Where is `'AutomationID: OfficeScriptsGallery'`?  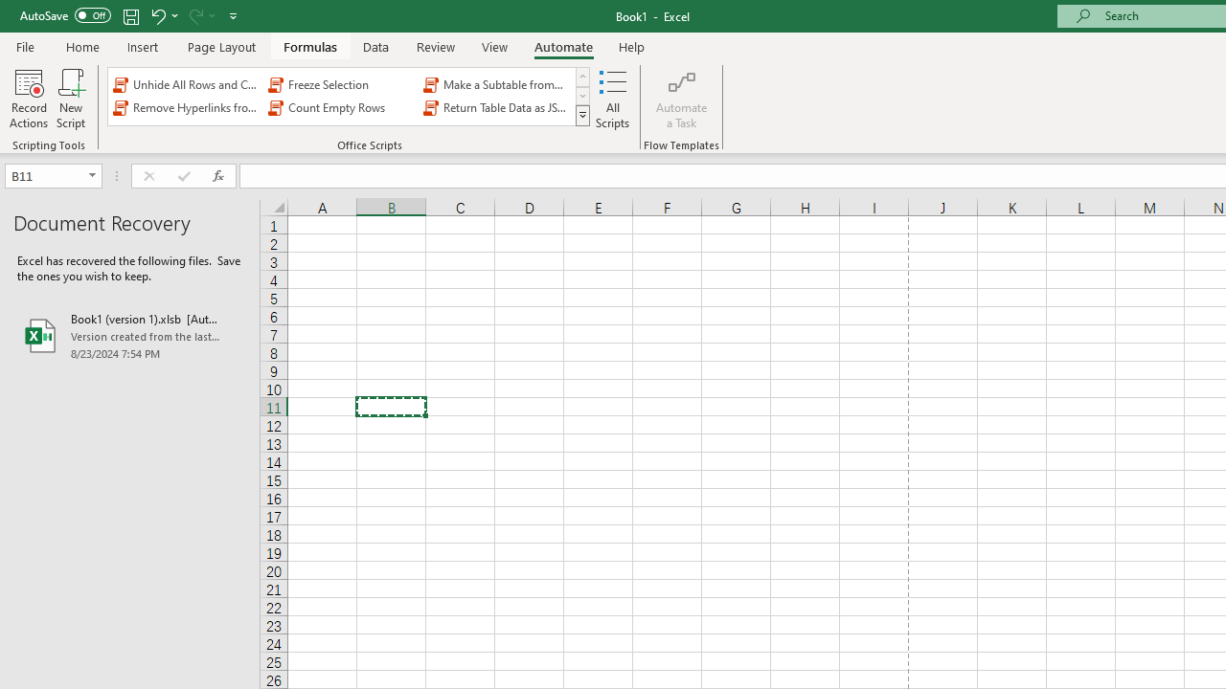 'AutomationID: OfficeScriptsGallery' is located at coordinates (350, 96).